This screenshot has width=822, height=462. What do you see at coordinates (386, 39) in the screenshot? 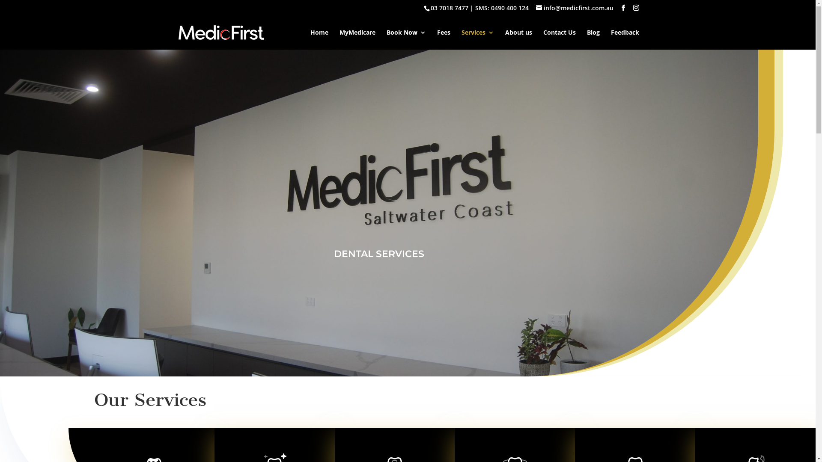
I see `'Book Now'` at bounding box center [386, 39].